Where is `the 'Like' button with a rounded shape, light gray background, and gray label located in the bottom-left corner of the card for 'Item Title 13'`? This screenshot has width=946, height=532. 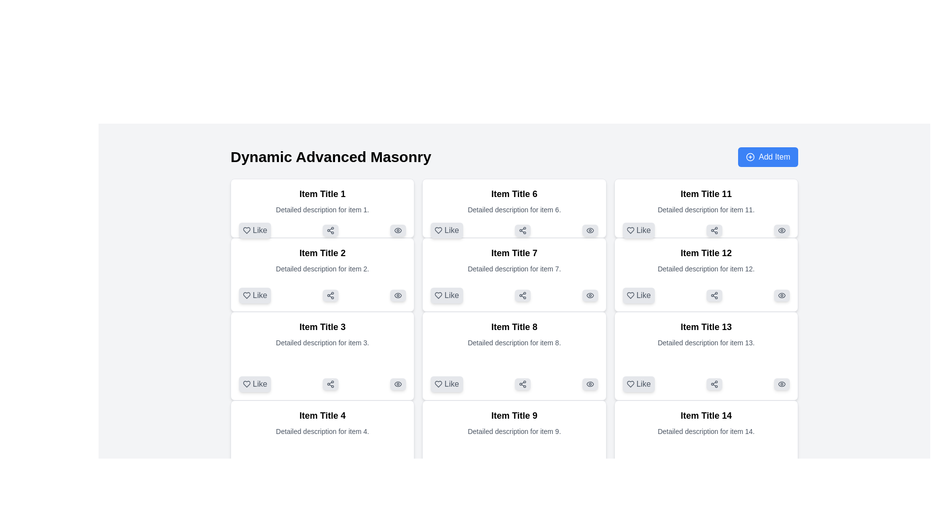 the 'Like' button with a rounded shape, light gray background, and gray label located in the bottom-left corner of the card for 'Item Title 13' is located at coordinates (639, 383).